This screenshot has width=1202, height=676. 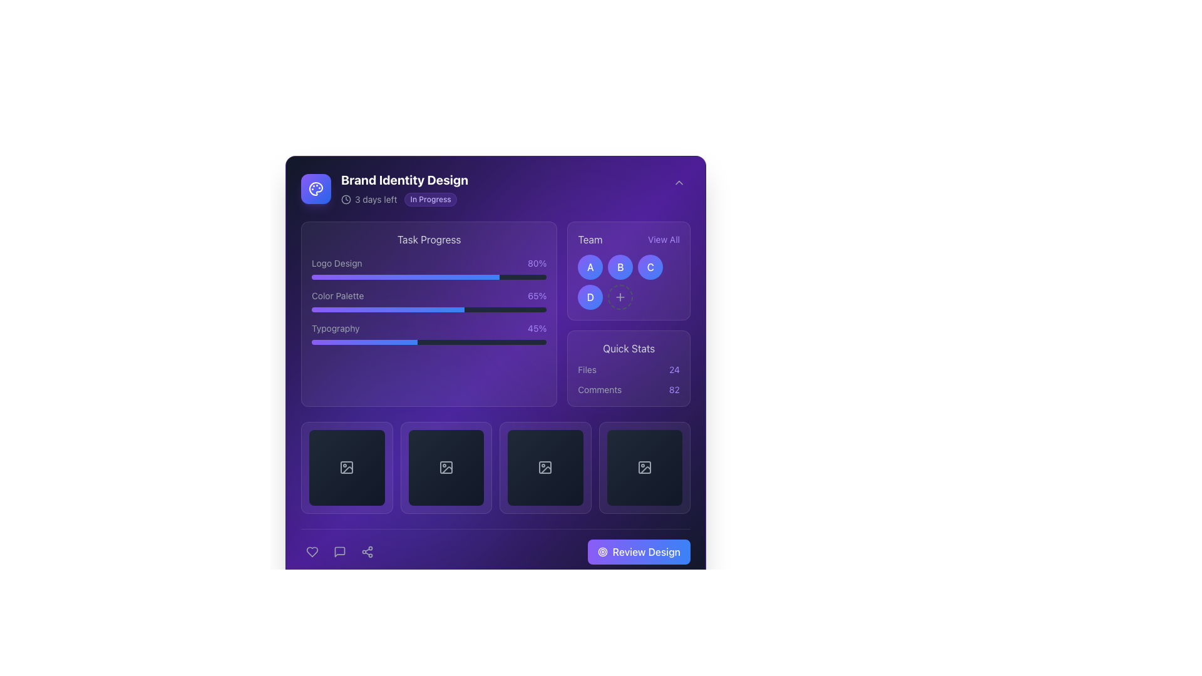 I want to click on the speech bubble icon button, which is the second item from the left in the bottom interactive bar of the panel, to change its color, so click(x=339, y=550).